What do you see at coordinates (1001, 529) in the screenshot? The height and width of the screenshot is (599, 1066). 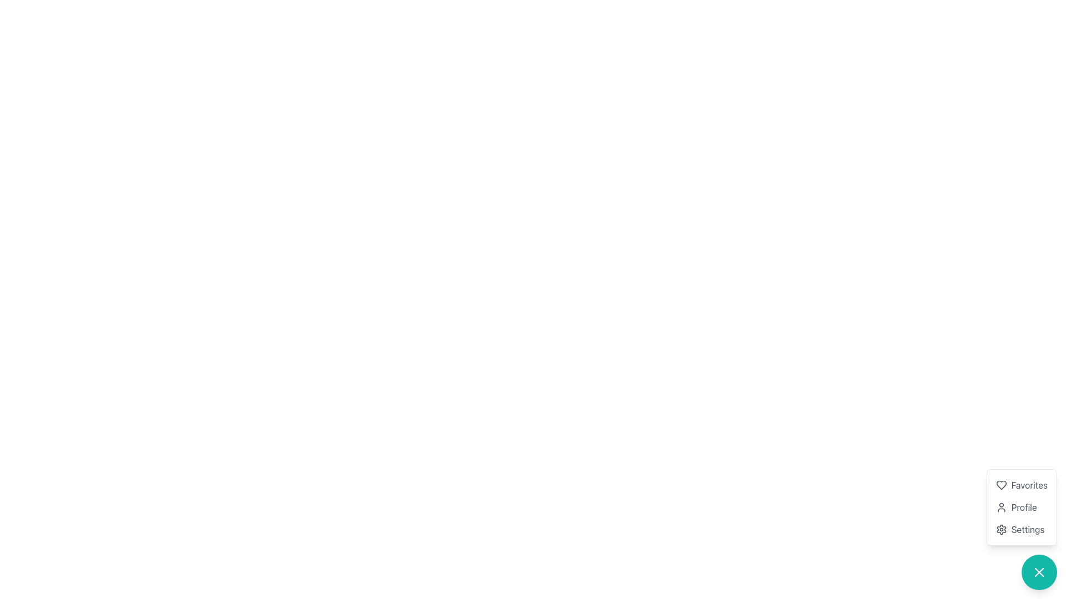 I see `the gear-shaped icon associated with settings located at the top-left of the 'Settings' option in the menu list` at bounding box center [1001, 529].